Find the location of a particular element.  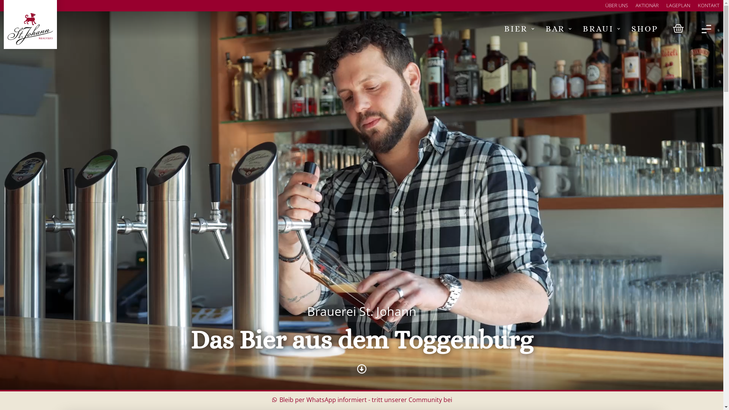

'BIER' is located at coordinates (519, 28).